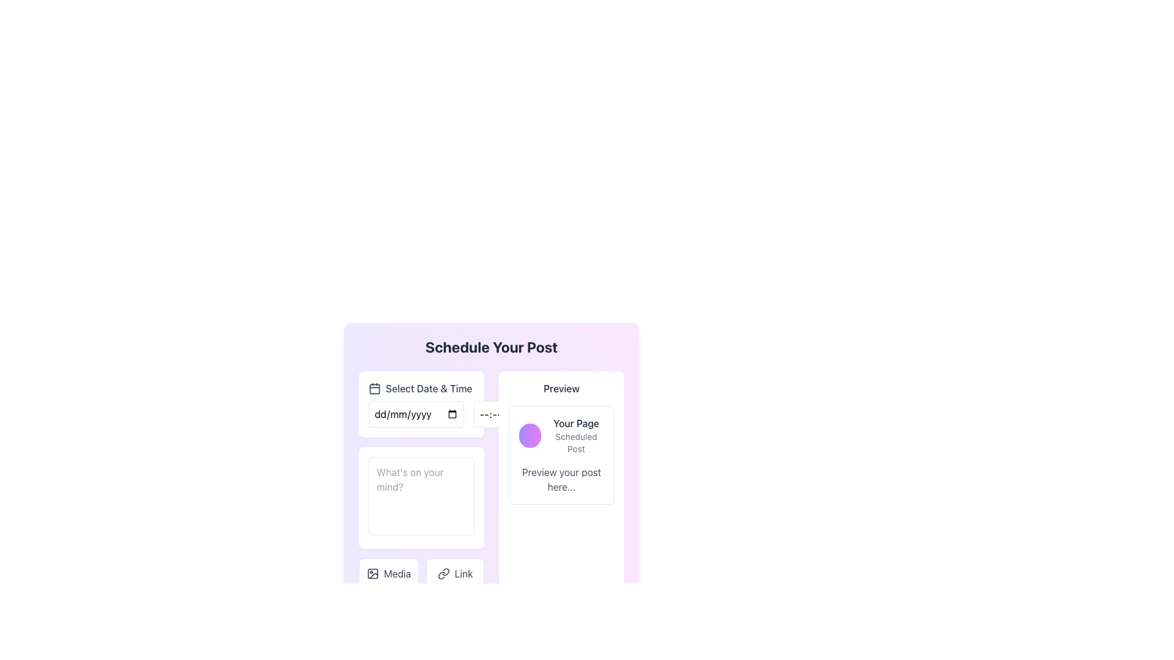 The image size is (1174, 660). What do you see at coordinates (372, 573) in the screenshot?
I see `the 'Media' button icon located at the bottom-left area of the interface, which indicates its functionality related to uploading or managing media files` at bounding box center [372, 573].